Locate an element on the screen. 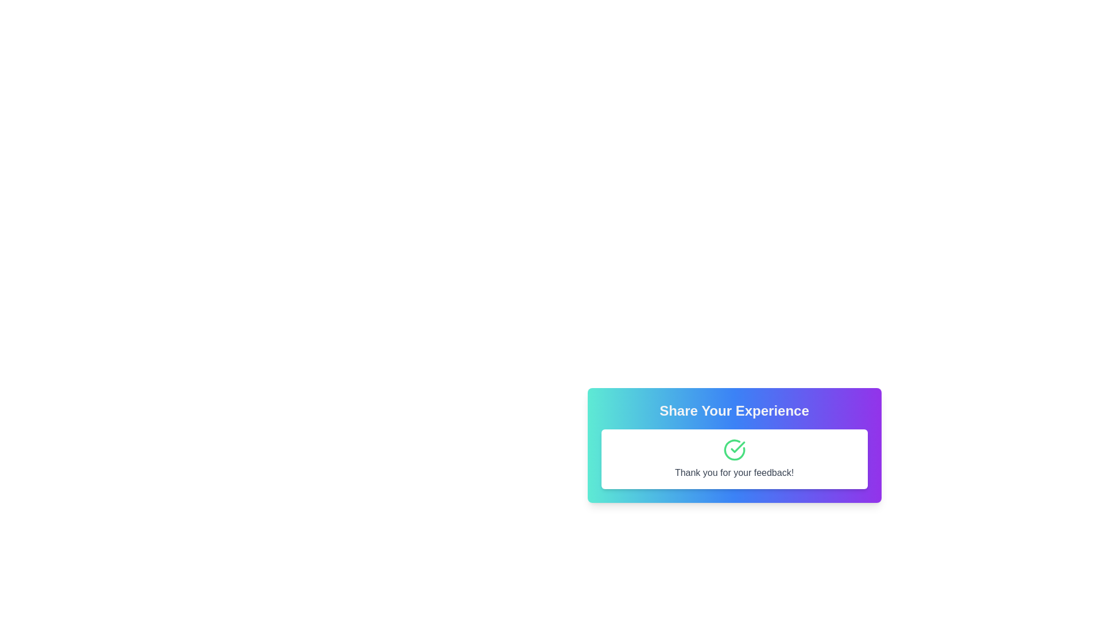 This screenshot has width=1102, height=620. the modal dialog box titled 'Share Your Experience' to read its content is located at coordinates (734, 467).